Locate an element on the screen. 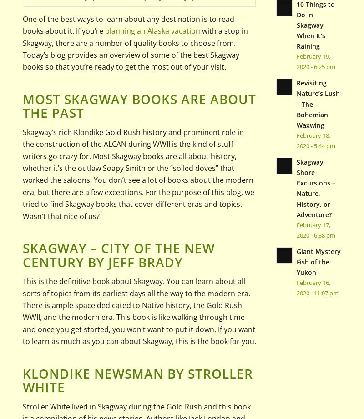 This screenshot has height=419, width=364. 'Klondike Newsman by Stroller White' is located at coordinates (22, 379).